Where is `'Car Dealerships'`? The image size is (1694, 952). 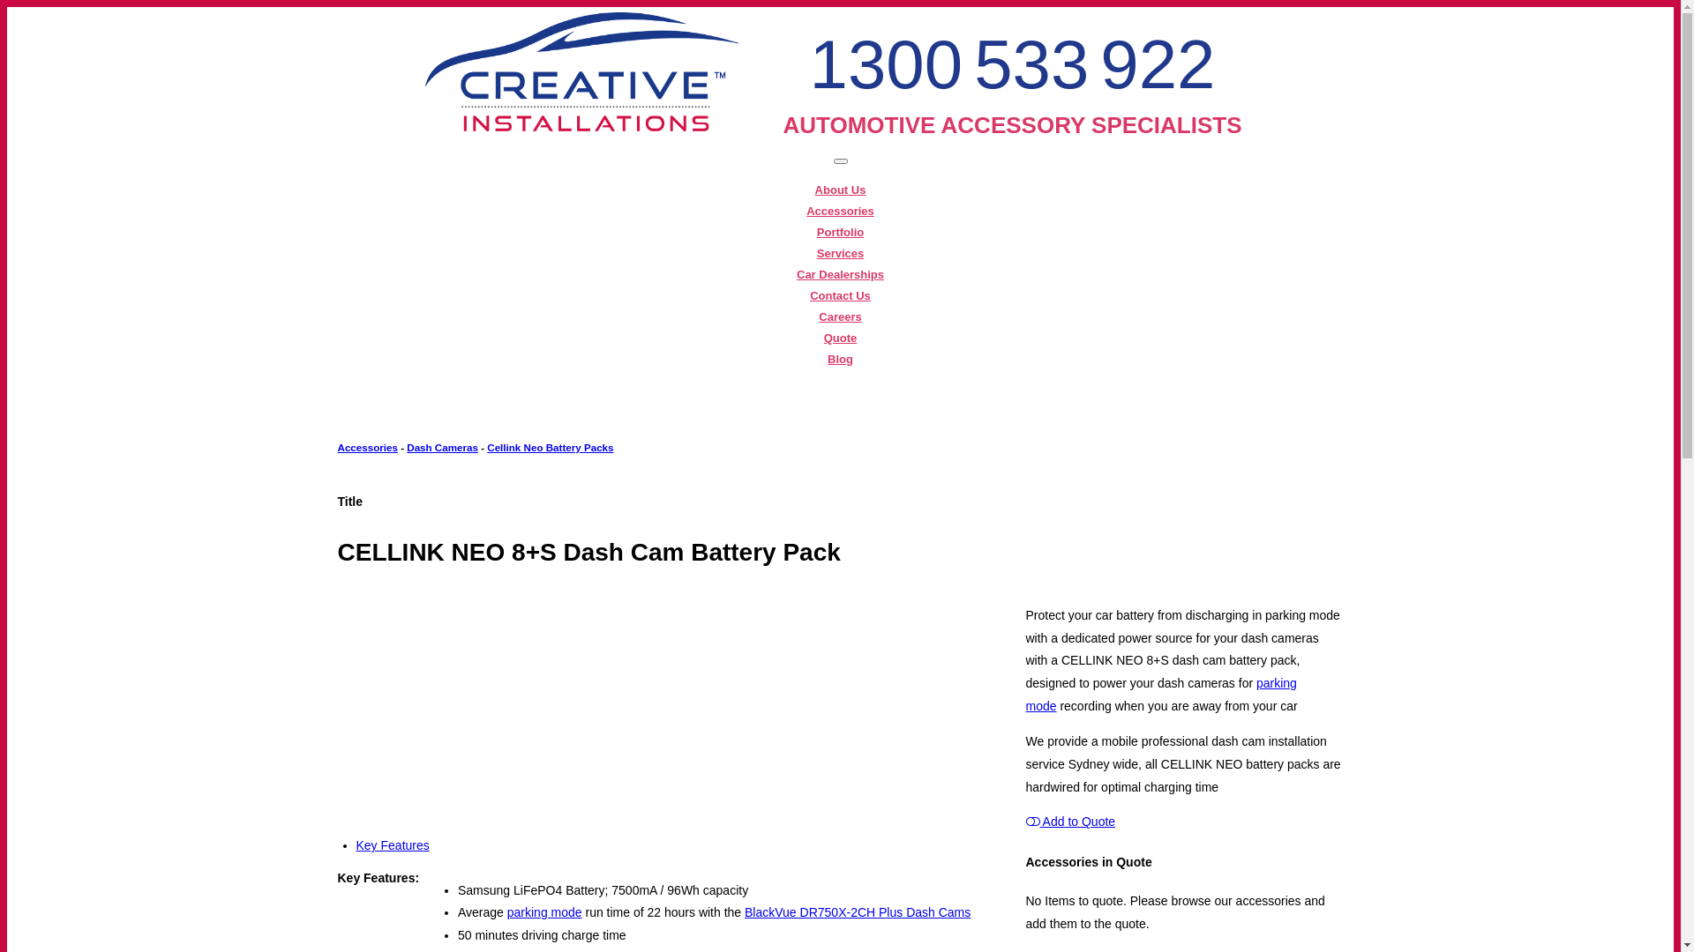 'Car Dealerships' is located at coordinates (839, 274).